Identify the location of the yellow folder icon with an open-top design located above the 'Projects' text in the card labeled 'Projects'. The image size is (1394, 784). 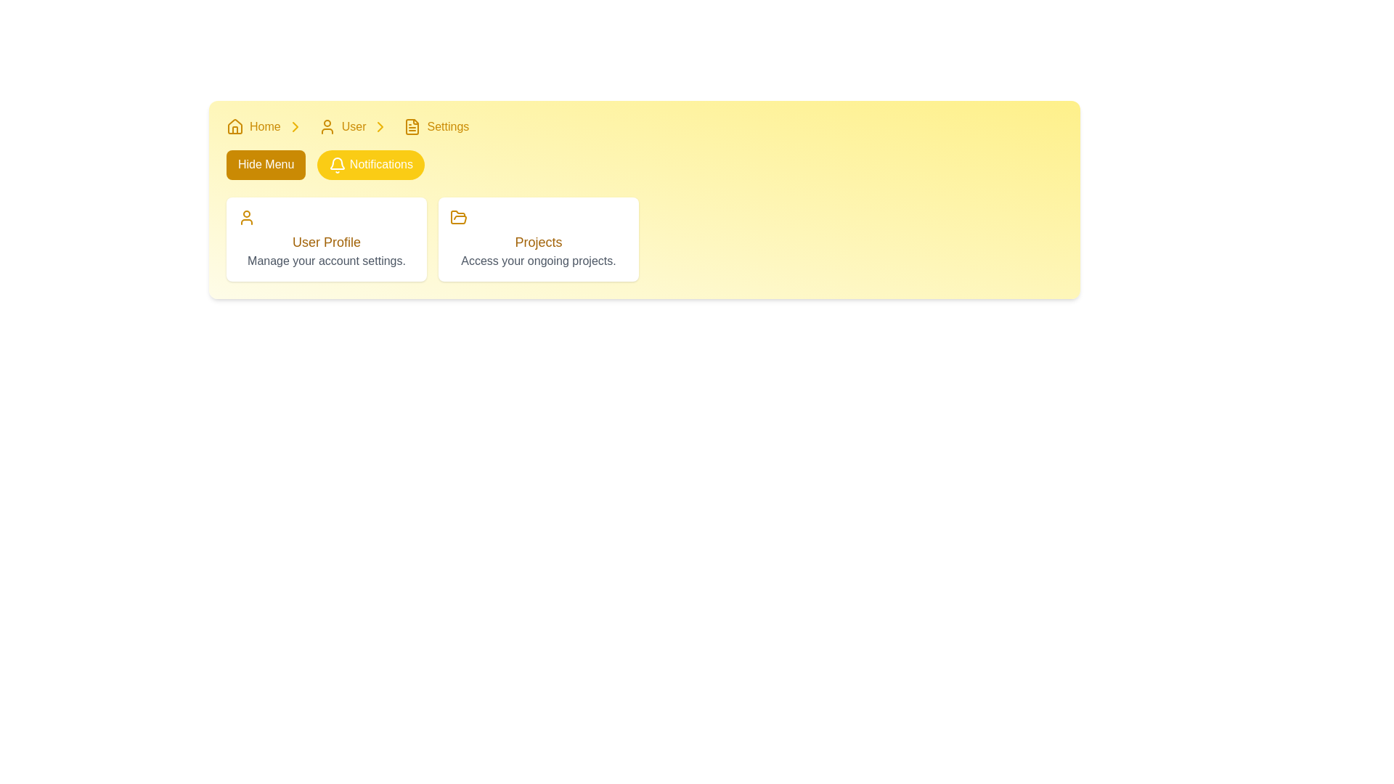
(458, 217).